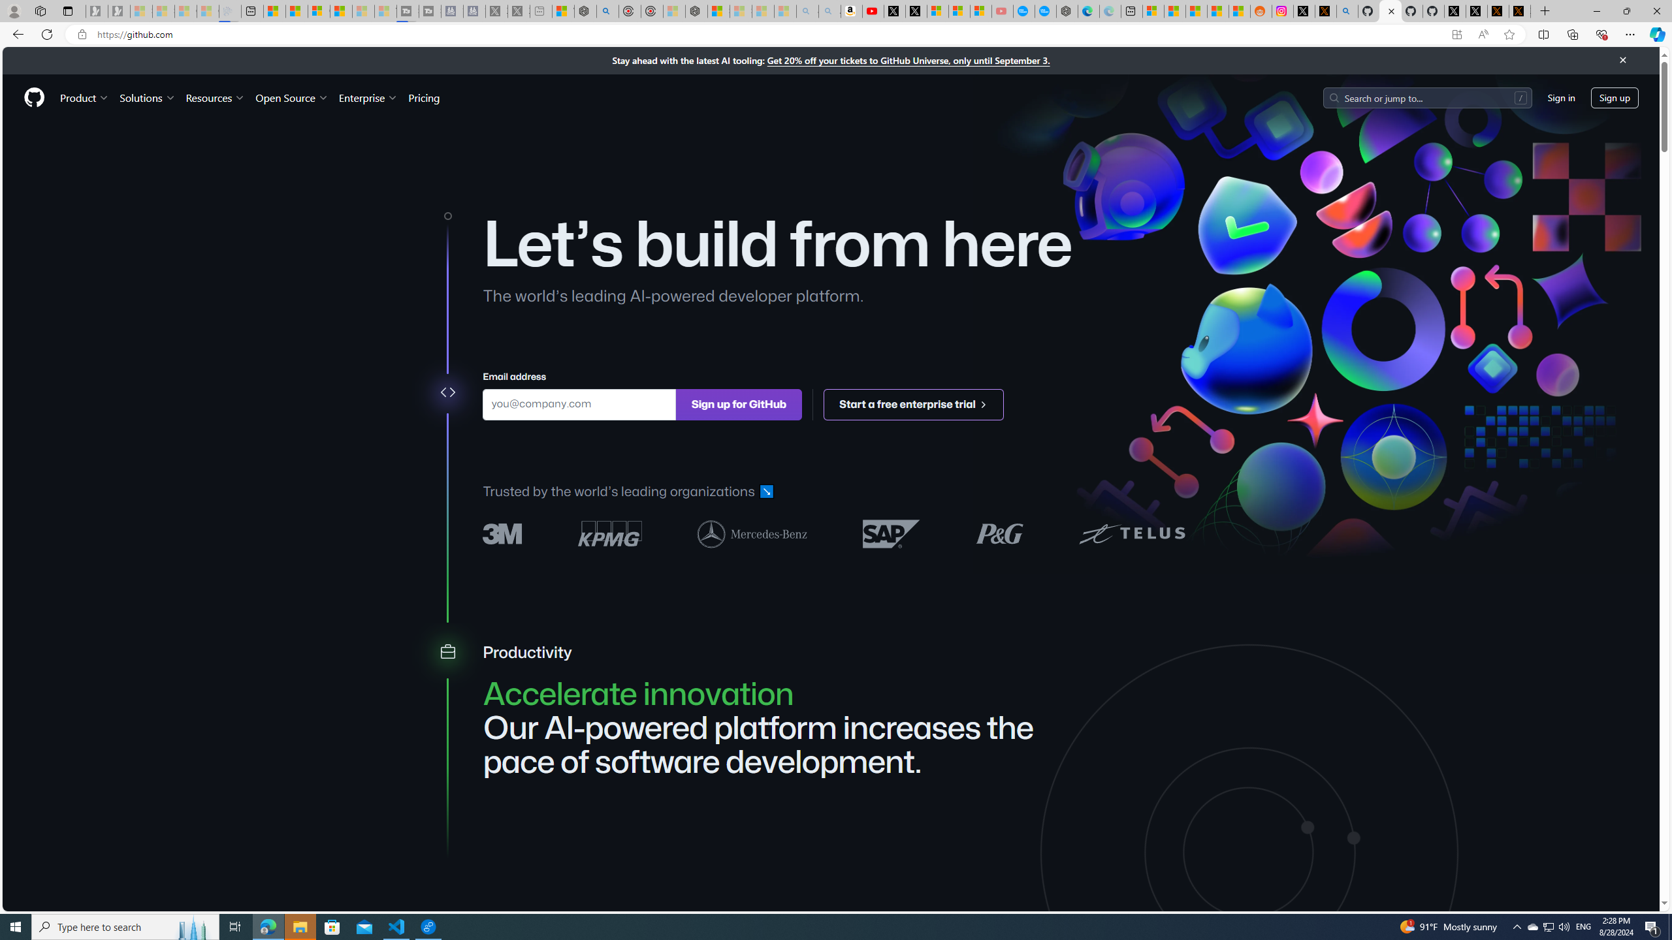 The image size is (1672, 940). Describe the element at coordinates (85, 97) in the screenshot. I see `'Product'` at that location.